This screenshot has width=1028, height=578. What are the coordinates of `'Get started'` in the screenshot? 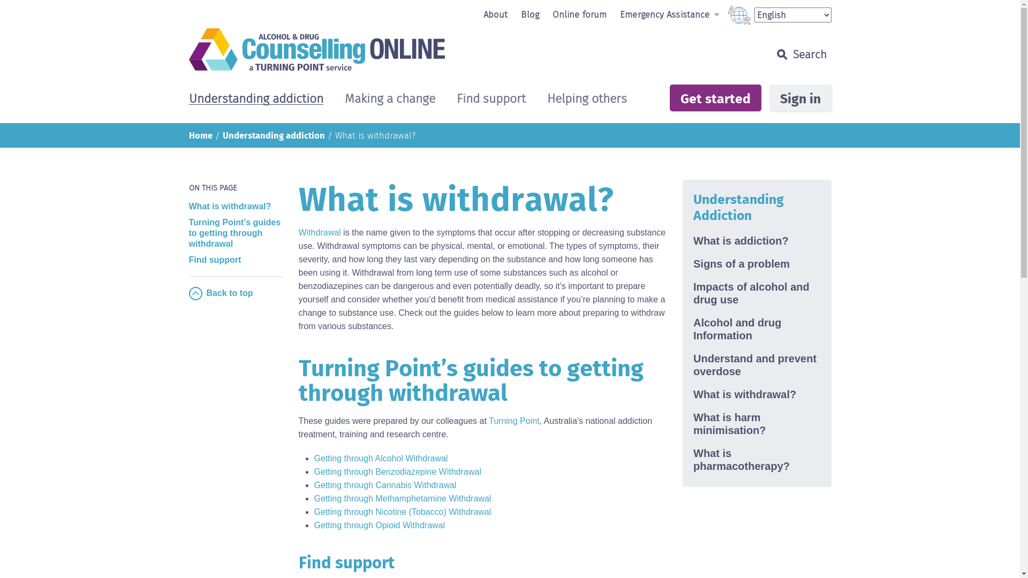 It's located at (715, 97).